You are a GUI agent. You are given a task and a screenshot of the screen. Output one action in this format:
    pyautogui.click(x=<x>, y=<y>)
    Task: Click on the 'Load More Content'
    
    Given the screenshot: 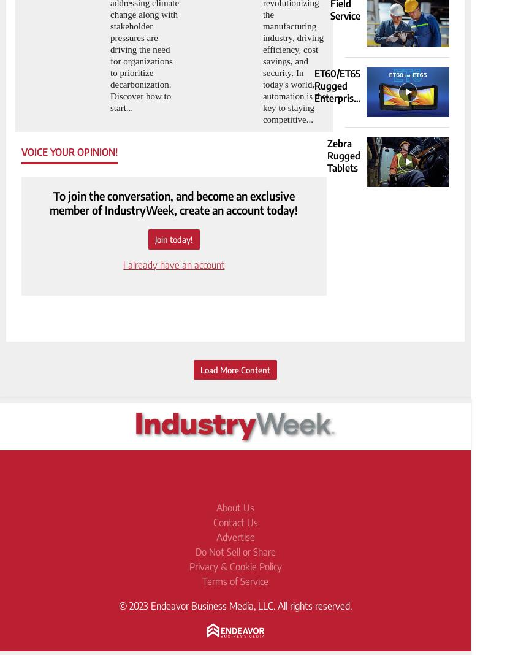 What is the action you would take?
    pyautogui.click(x=235, y=369)
    